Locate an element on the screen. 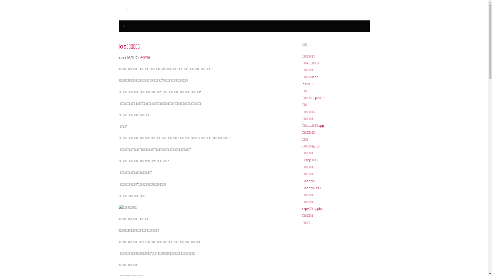  'admin' is located at coordinates (145, 57).